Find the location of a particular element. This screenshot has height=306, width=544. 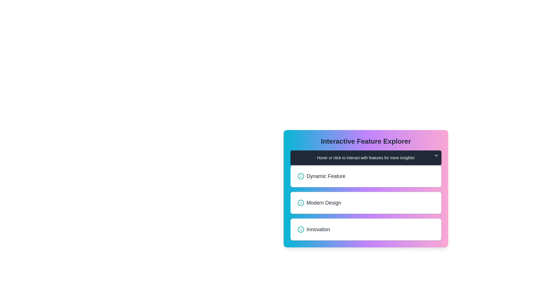

the 'Modern Design' text label, which is the second element in the list, styled in bold gray font, located below 'Dynamic Feature' and above 'Innovation' is located at coordinates (324, 203).